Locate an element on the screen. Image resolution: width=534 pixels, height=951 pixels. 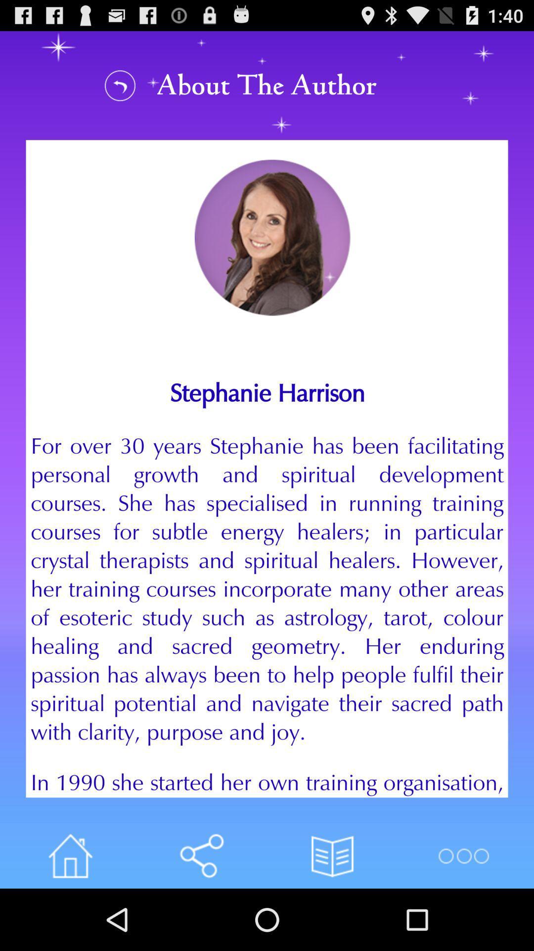
share this page is located at coordinates (201, 855).